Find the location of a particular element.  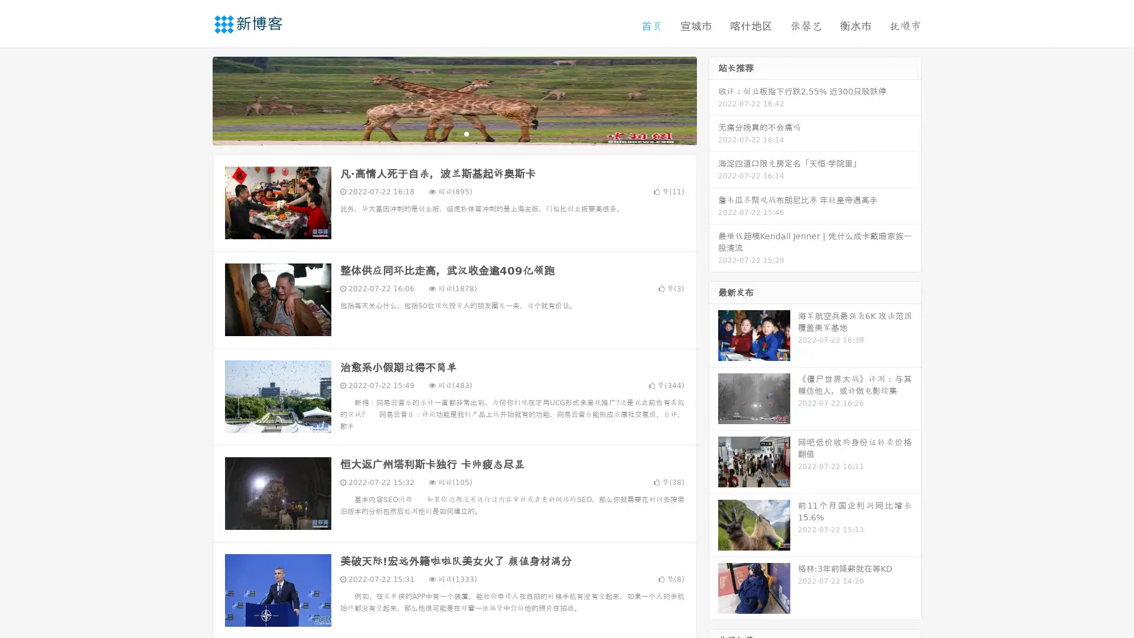

Go to slide 3 is located at coordinates (466, 133).